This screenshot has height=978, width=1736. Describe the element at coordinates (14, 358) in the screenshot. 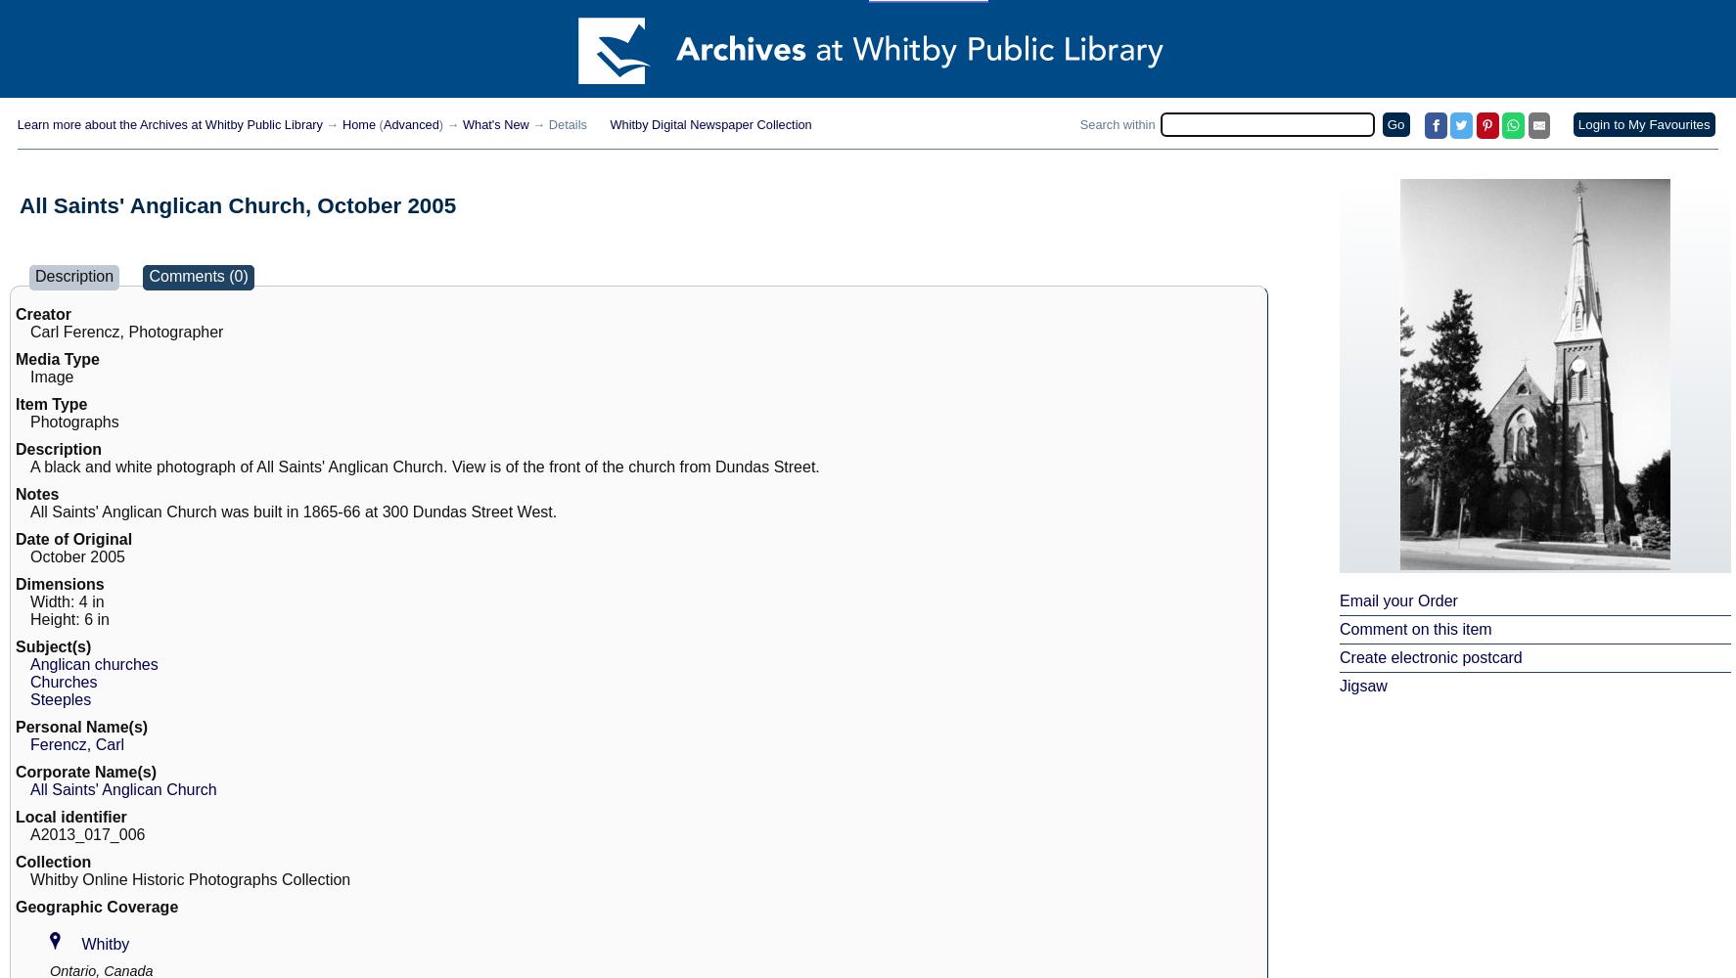

I see `'Media Type'` at that location.